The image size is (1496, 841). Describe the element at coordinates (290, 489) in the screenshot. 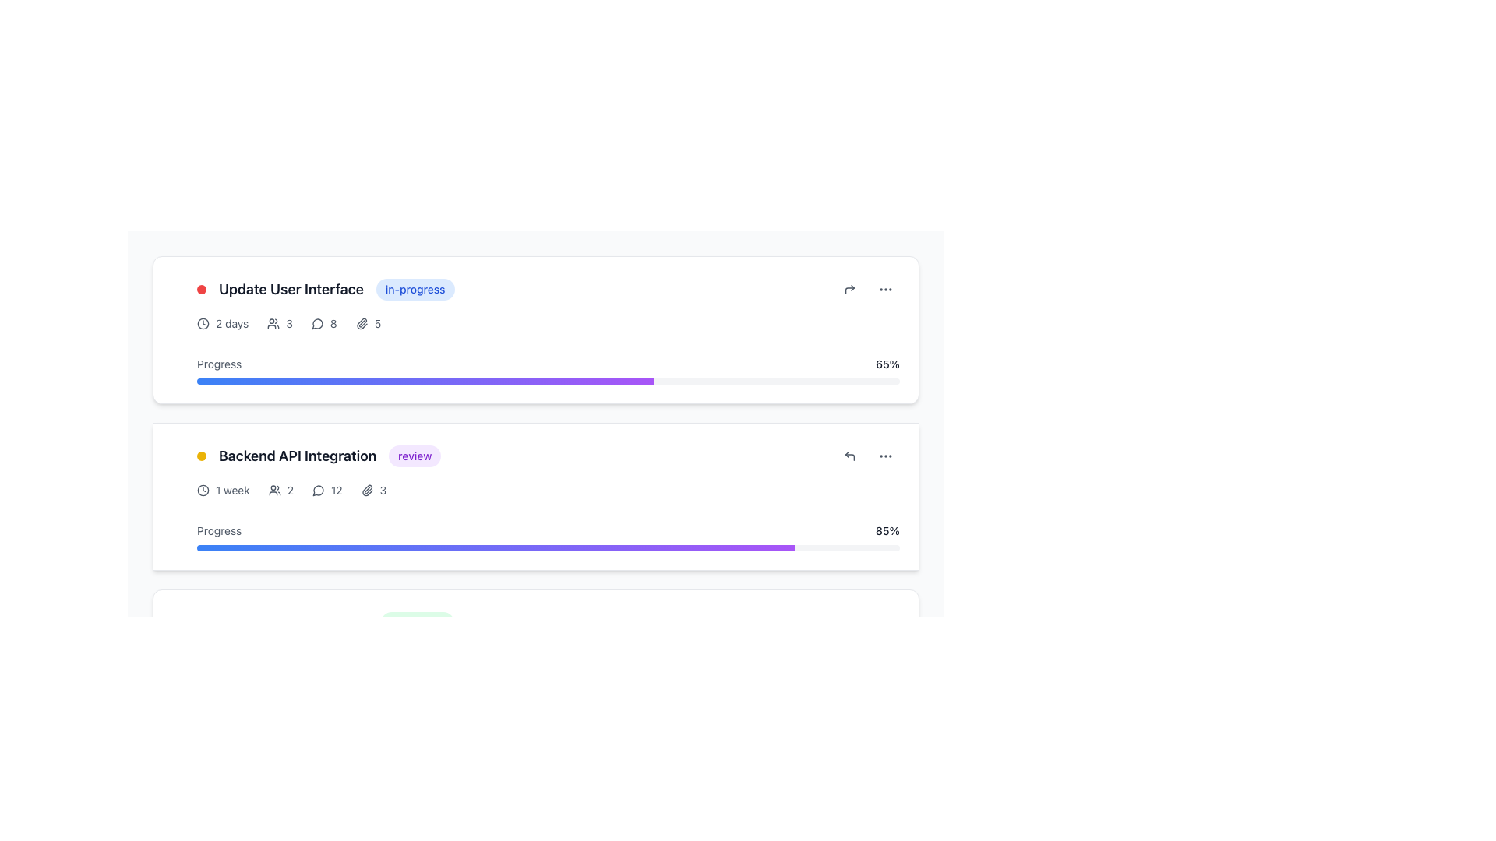

I see `value displayed on the Text label showing the number of users associated with the task or project, located to the immediate right of the user icon symbol in the 'Backend API Integration' section` at that location.